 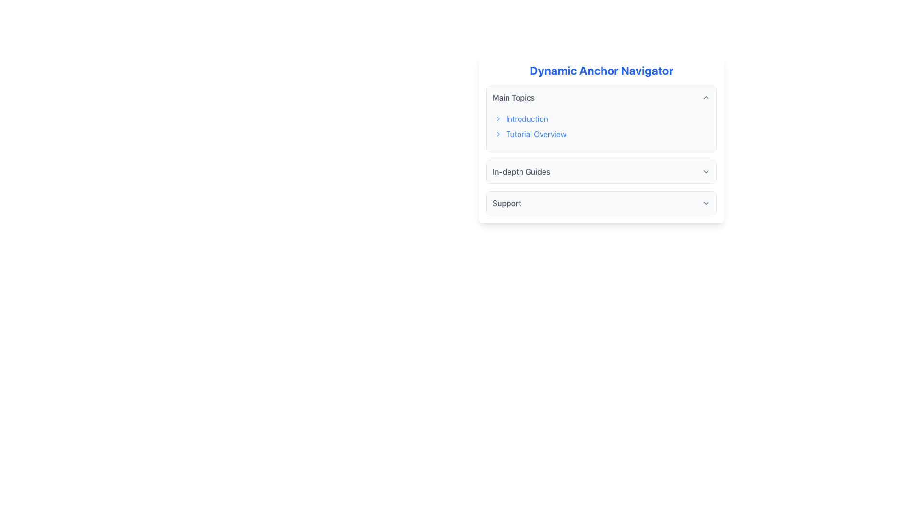 What do you see at coordinates (706, 171) in the screenshot?
I see `the small, gray, downward-pointing chevron icon` at bounding box center [706, 171].